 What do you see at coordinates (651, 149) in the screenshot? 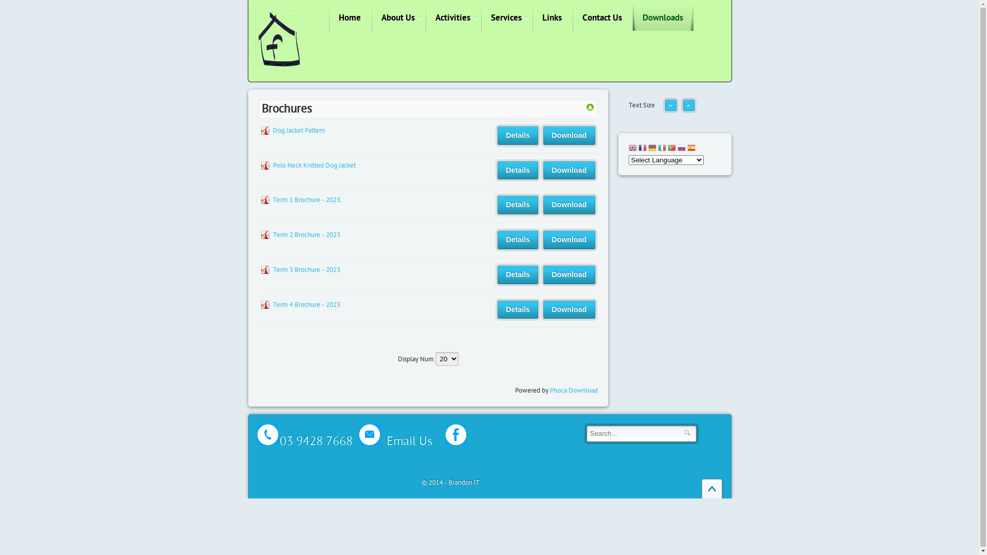
I see `'German'` at bounding box center [651, 149].